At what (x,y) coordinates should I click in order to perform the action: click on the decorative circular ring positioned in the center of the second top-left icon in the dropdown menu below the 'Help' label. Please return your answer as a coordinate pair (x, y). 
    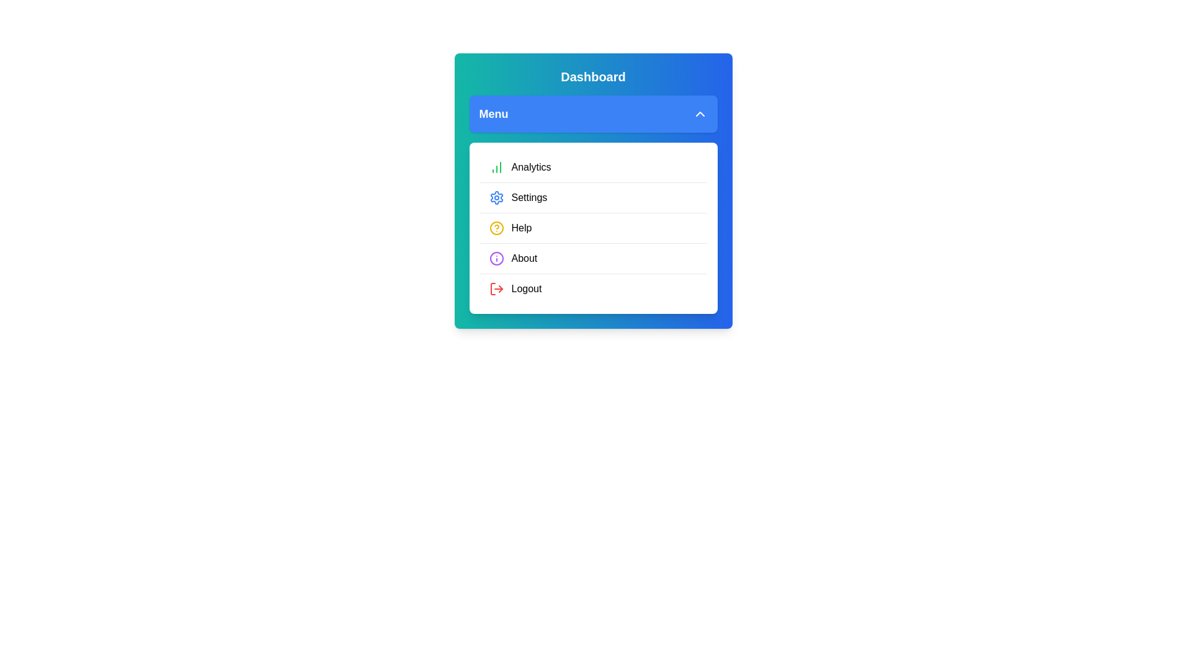
    Looking at the image, I should click on (496, 257).